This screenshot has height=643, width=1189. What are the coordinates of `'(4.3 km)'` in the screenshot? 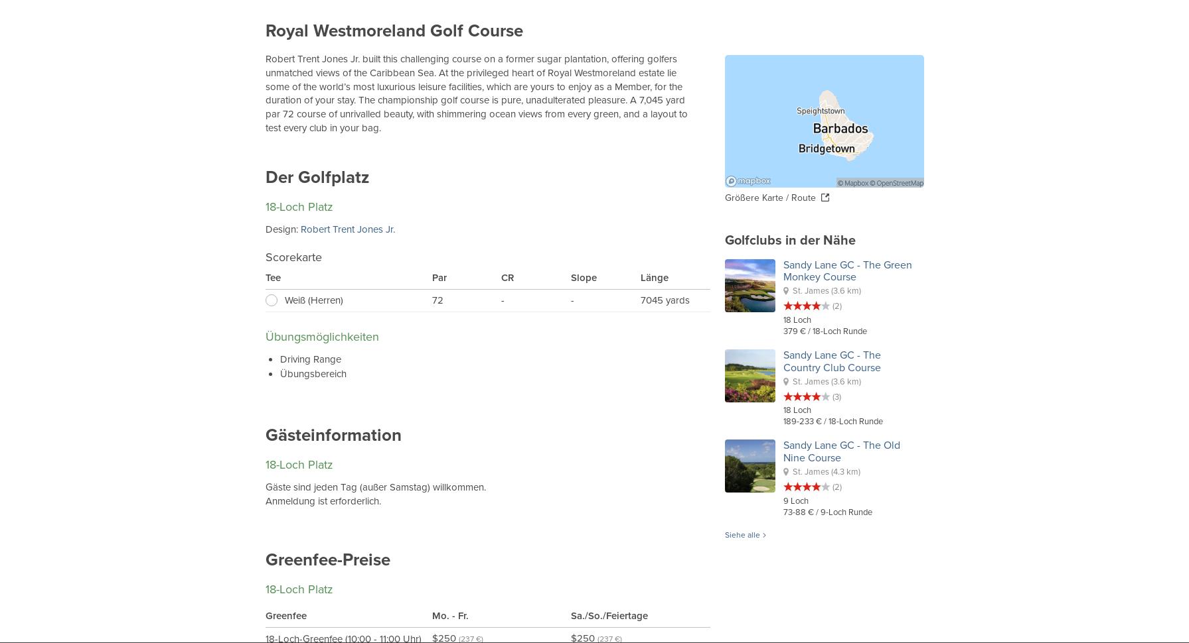 It's located at (844, 471).